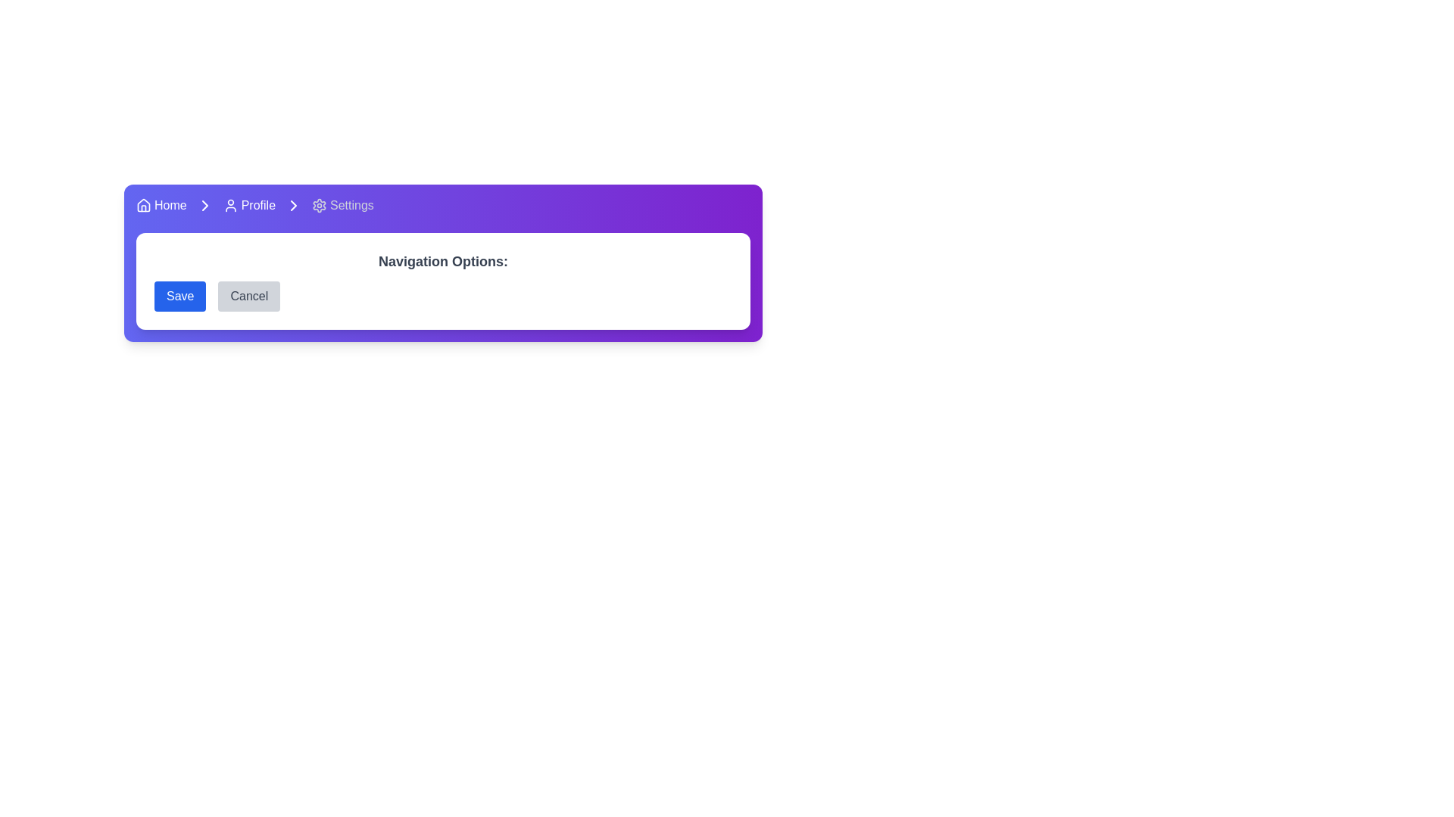 Image resolution: width=1454 pixels, height=817 pixels. What do you see at coordinates (229, 206) in the screenshot?
I see `the profile icon, which is a circular head above a curved line representing shoulders, located to the left of the 'Profile' text in the navigation bar` at bounding box center [229, 206].